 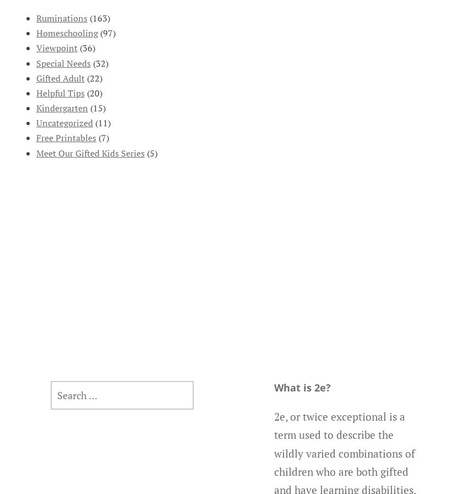 What do you see at coordinates (90, 153) in the screenshot?
I see `'Meet Our Gifted Kids Series'` at bounding box center [90, 153].